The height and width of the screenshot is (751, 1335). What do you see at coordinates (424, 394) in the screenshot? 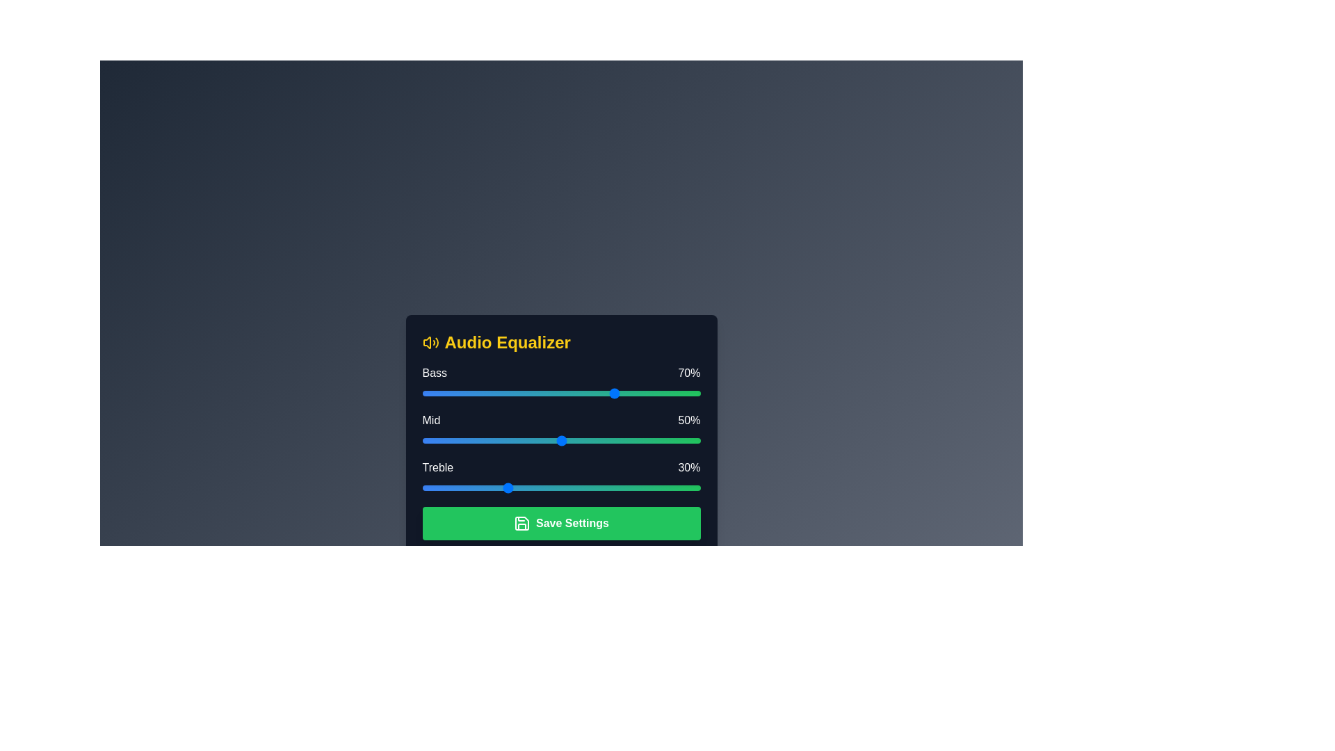
I see `the bass slider to 1%` at bounding box center [424, 394].